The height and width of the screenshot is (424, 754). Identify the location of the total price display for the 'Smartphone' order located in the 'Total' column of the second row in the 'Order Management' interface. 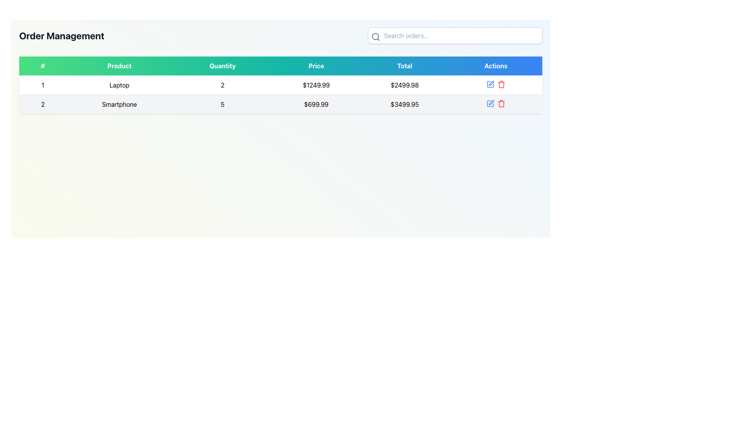
(404, 104).